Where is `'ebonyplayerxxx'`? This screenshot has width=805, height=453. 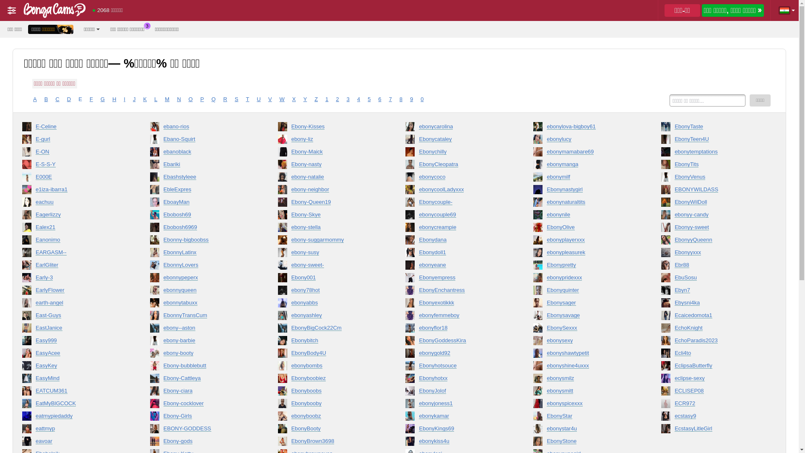
'ebonyplayerxxx' is located at coordinates (585, 241).